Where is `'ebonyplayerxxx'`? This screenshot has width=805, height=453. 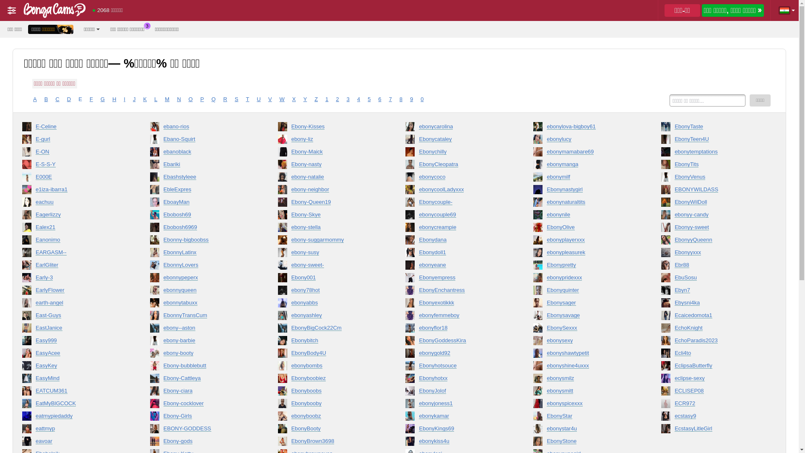
'ebonyplayerxxx' is located at coordinates (585, 241).